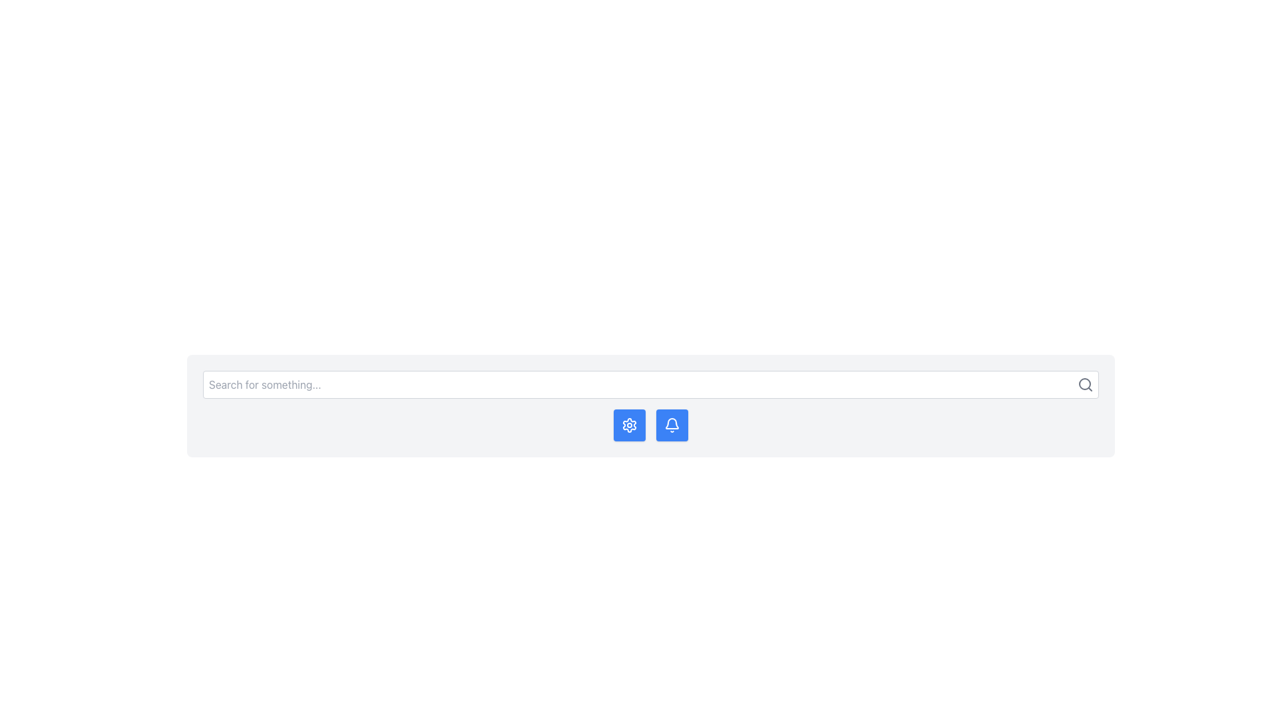  What do you see at coordinates (1086, 385) in the screenshot?
I see `the magnifying glass icon on the right side of the search bar` at bounding box center [1086, 385].